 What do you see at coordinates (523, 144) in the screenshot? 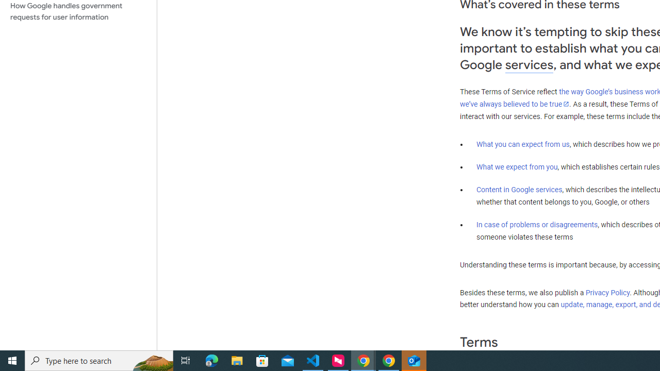
I see `'What you can expect from us'` at bounding box center [523, 144].